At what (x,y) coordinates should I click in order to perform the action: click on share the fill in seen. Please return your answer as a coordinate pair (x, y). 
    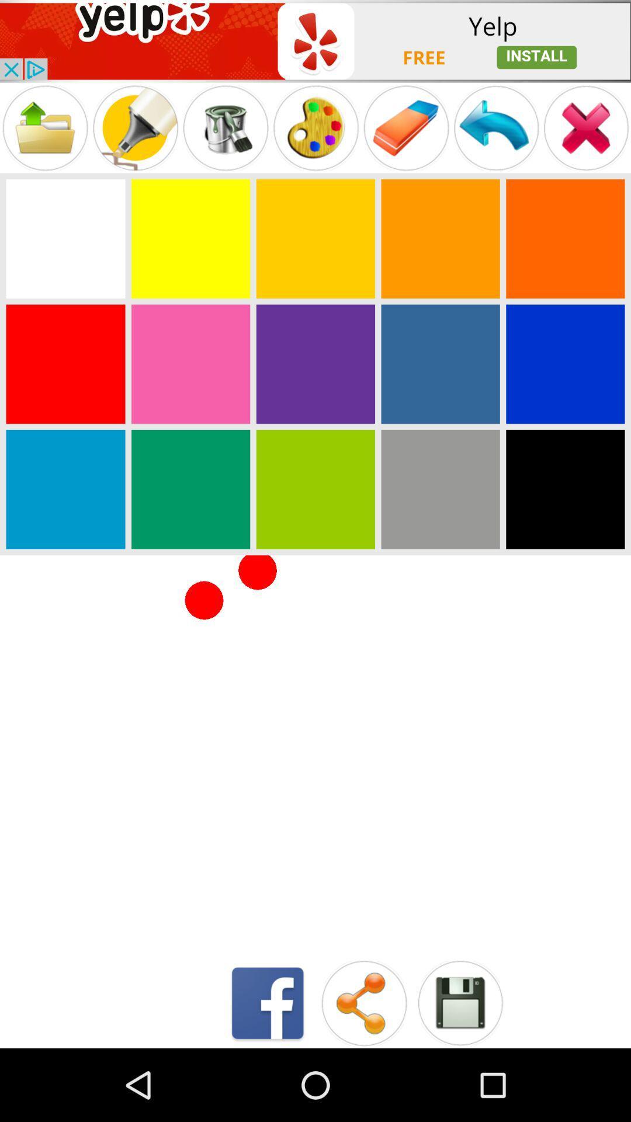
    Looking at the image, I should click on (363, 1002).